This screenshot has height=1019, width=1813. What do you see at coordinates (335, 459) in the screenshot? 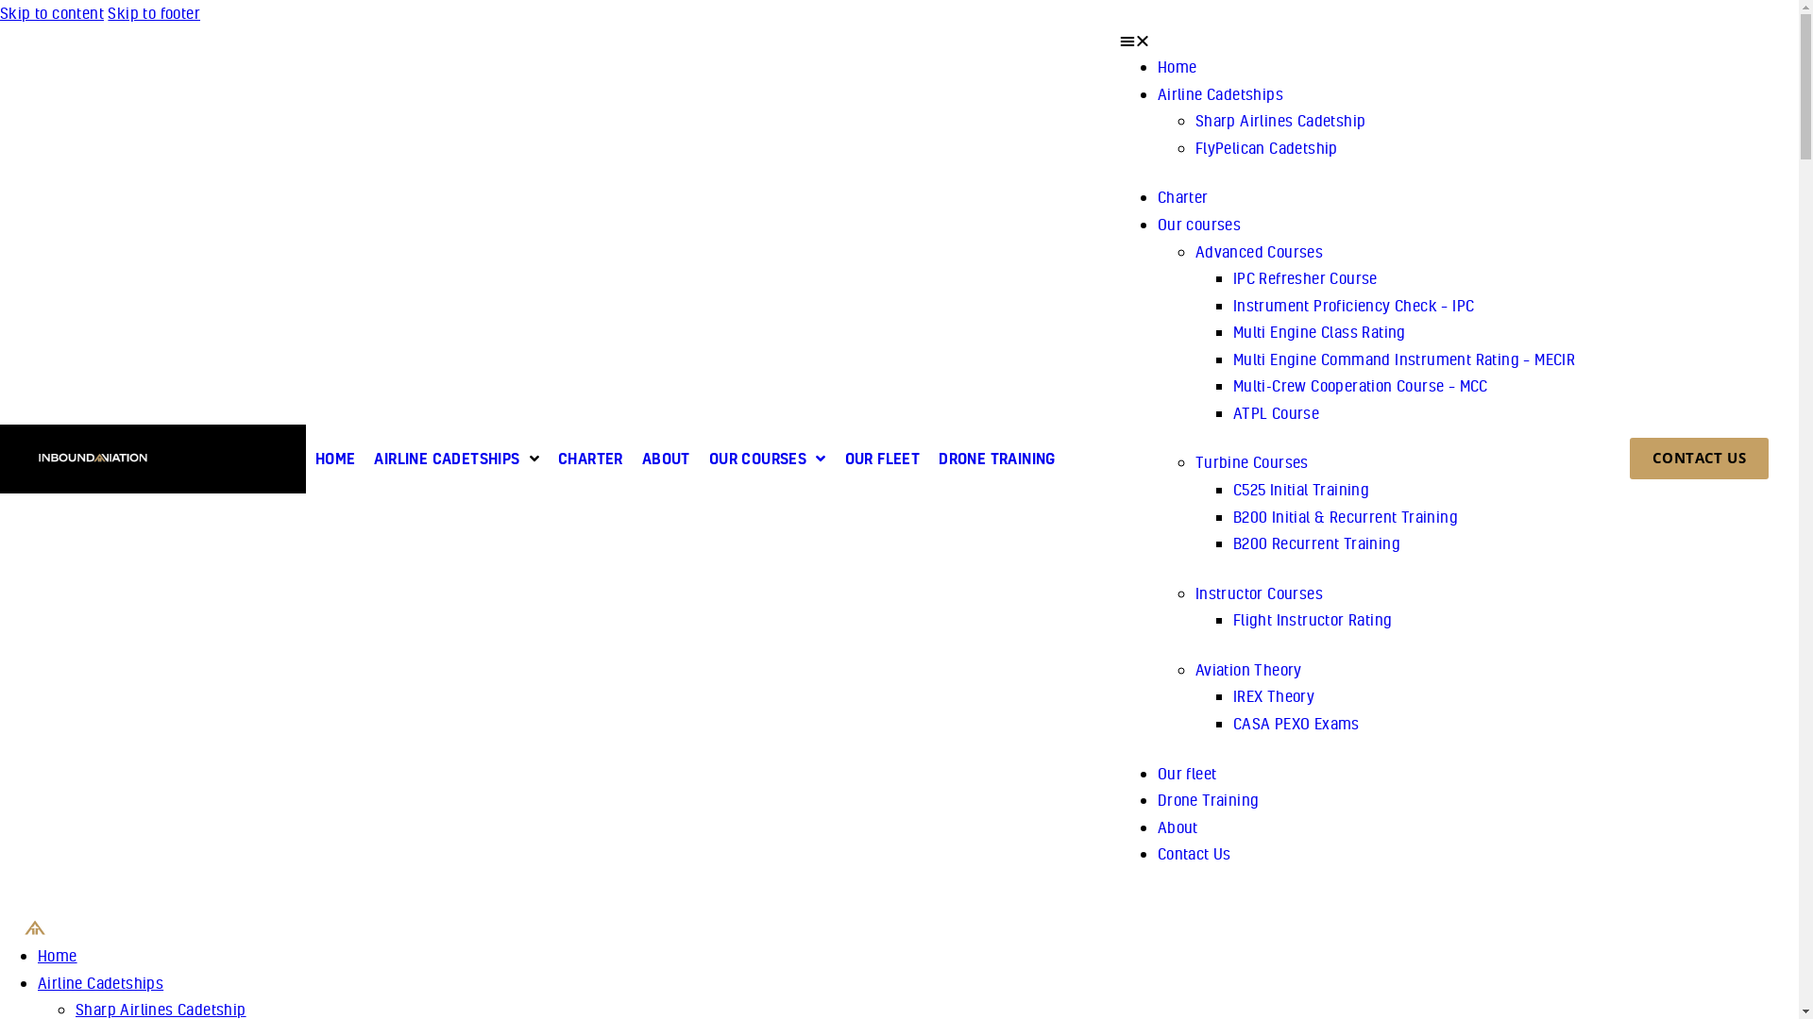
I see `'HOME'` at bounding box center [335, 459].